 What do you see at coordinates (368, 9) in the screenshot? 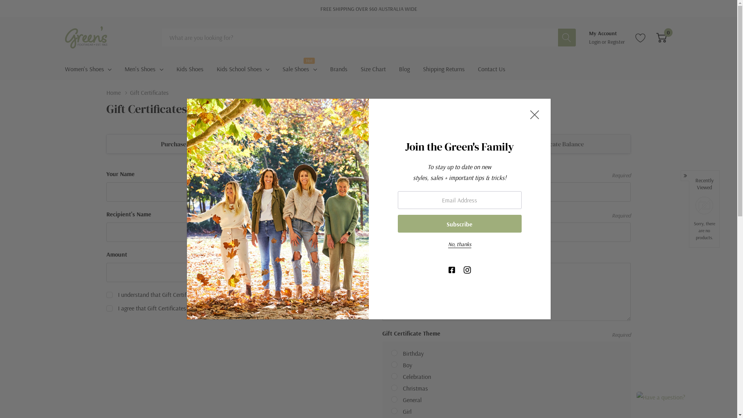
I see `'FREE SHIPPING OVER $60 AUSTRALIA WIDE'` at bounding box center [368, 9].